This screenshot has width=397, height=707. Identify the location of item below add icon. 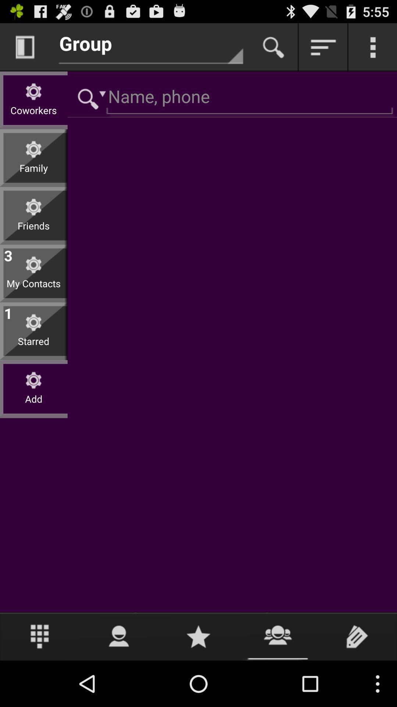
(40, 636).